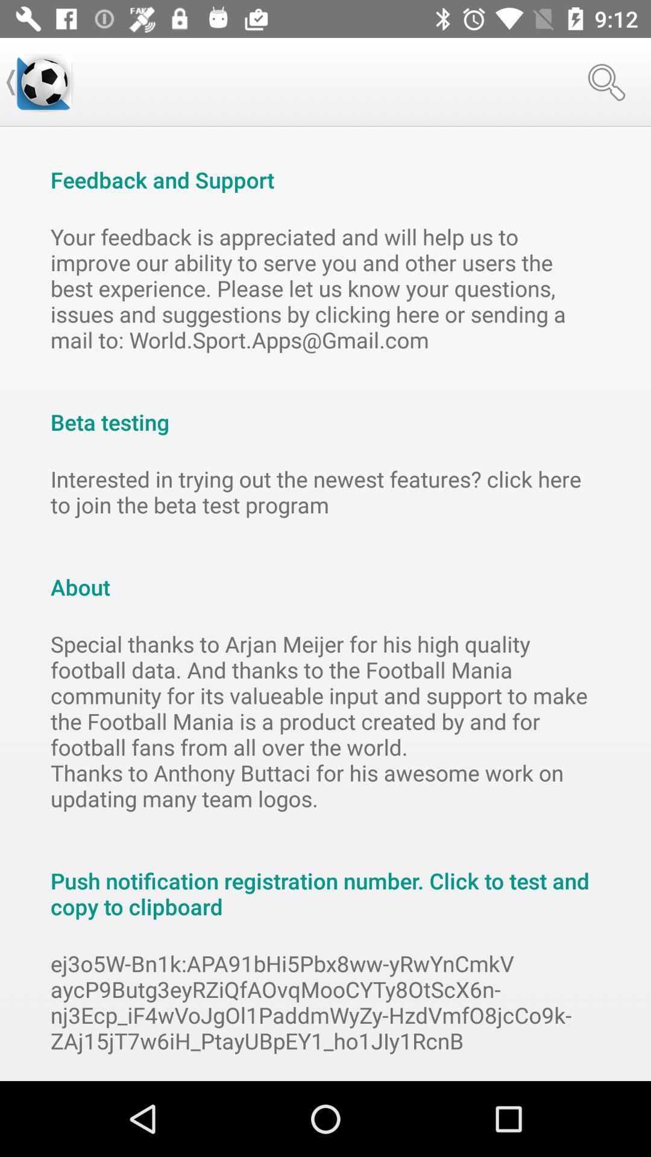 The width and height of the screenshot is (651, 1157). Describe the element at coordinates (325, 409) in the screenshot. I see `icon above interested in trying item` at that location.